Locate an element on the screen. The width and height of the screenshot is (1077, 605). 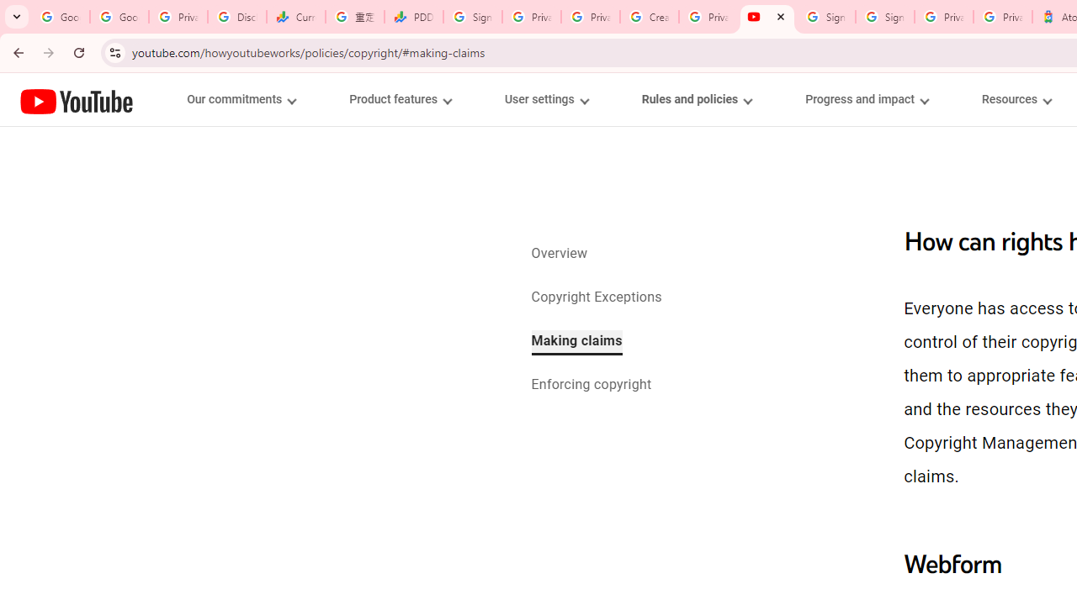
'Progress and impact menupopup' is located at coordinates (867, 99).